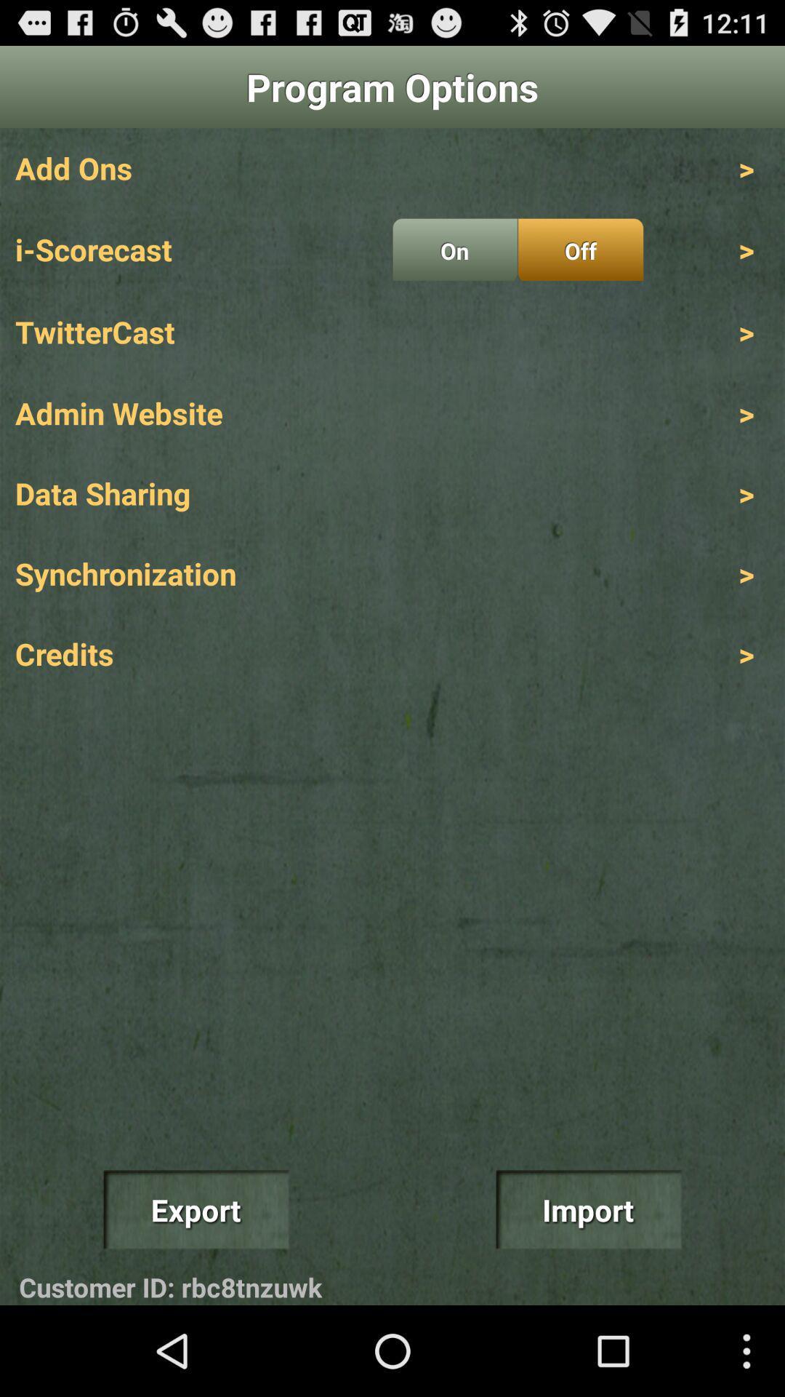 The height and width of the screenshot is (1397, 785). Describe the element at coordinates (454, 250) in the screenshot. I see `the item to the right of i-scorecast icon` at that location.